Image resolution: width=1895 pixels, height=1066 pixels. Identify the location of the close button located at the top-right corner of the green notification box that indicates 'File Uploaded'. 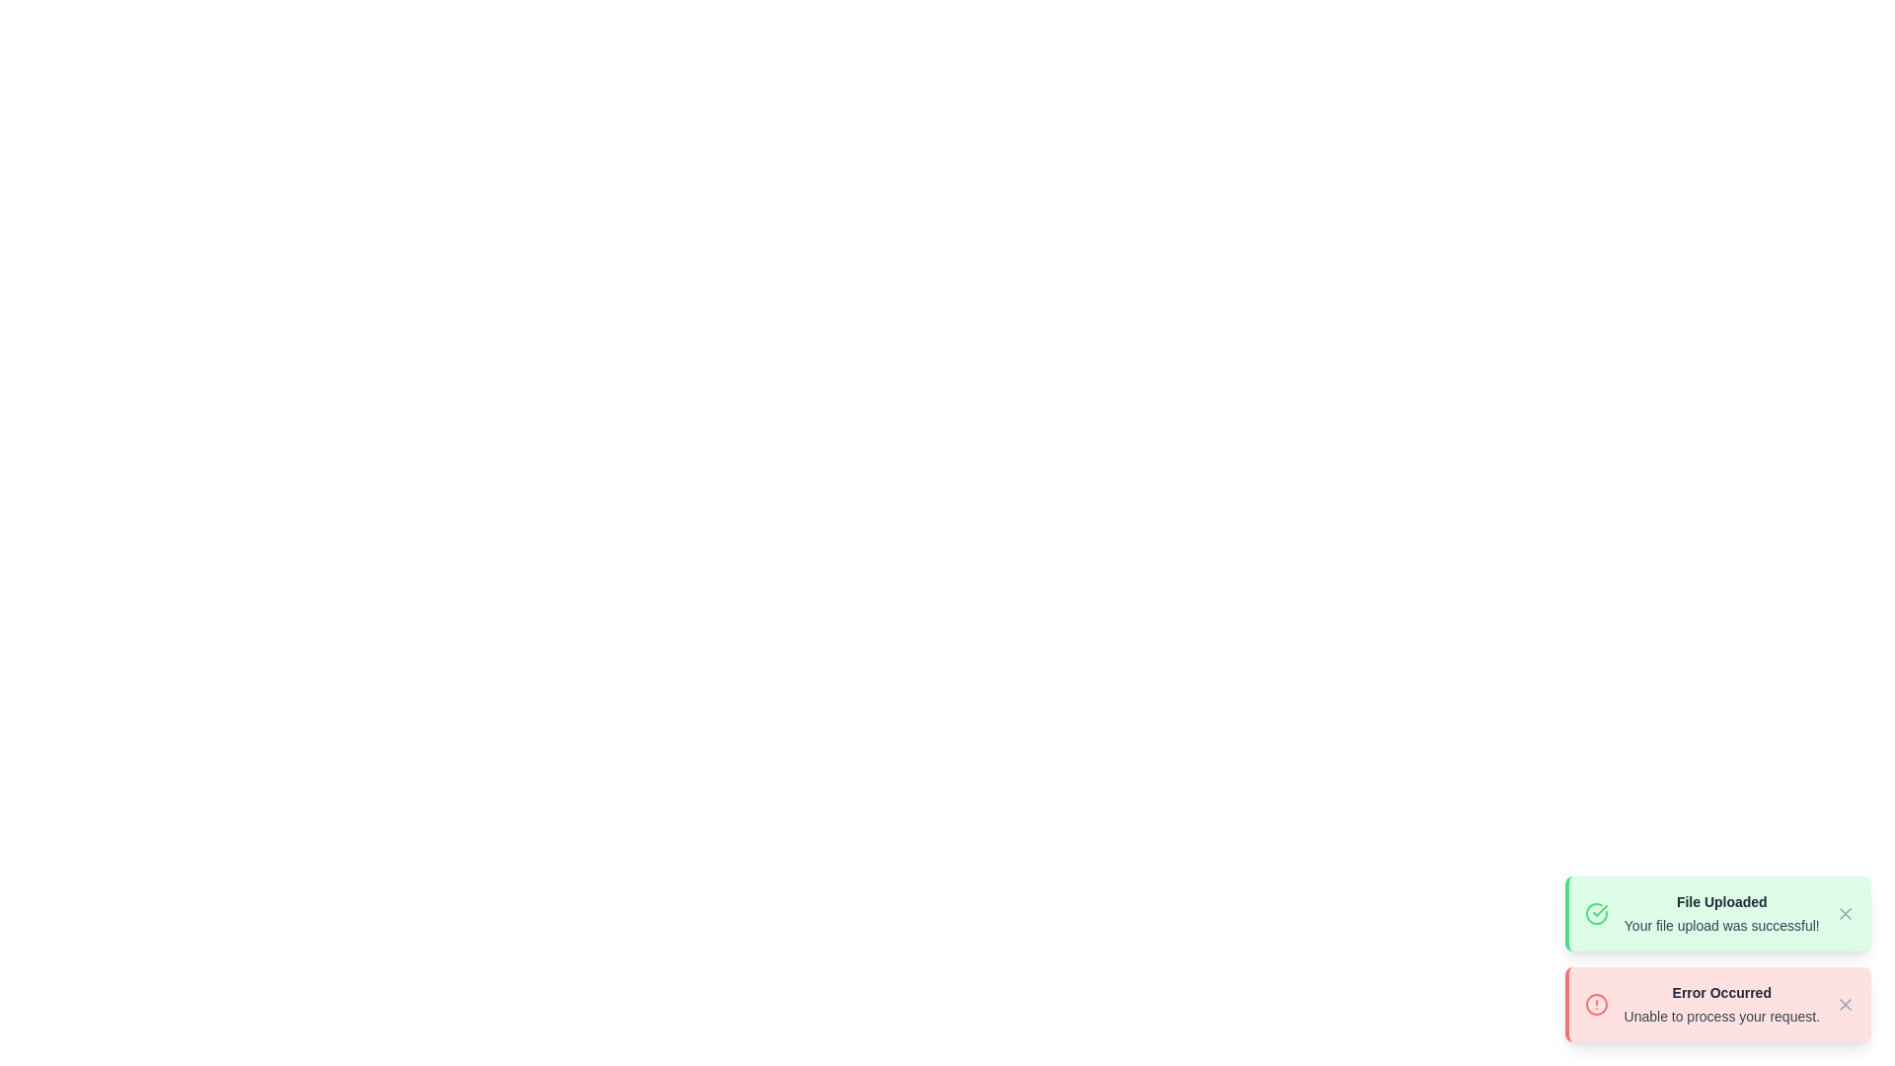
(1845, 913).